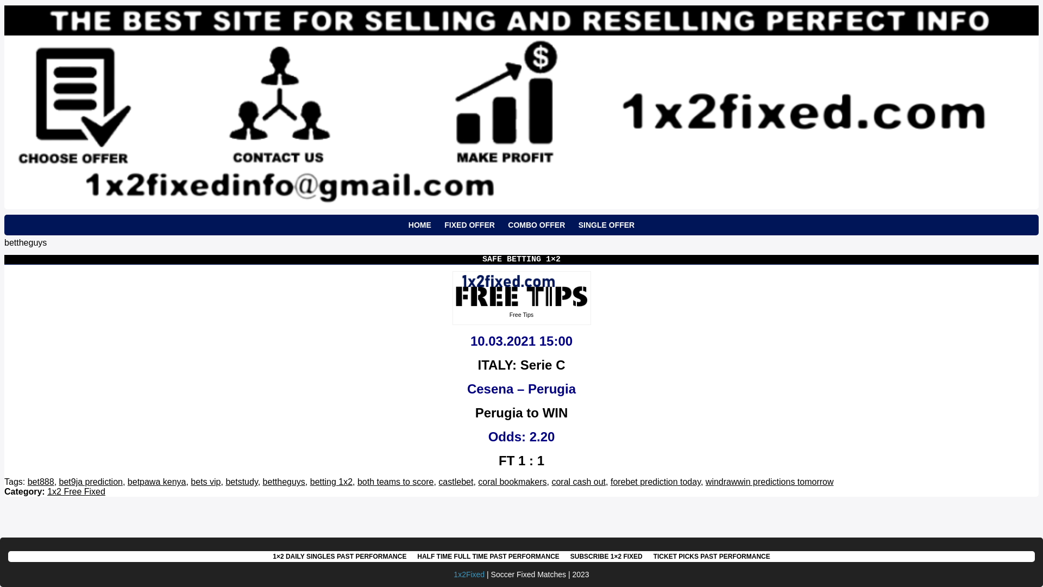 The height and width of the screenshot is (587, 1043). What do you see at coordinates (456, 481) in the screenshot?
I see `'castlebet'` at bounding box center [456, 481].